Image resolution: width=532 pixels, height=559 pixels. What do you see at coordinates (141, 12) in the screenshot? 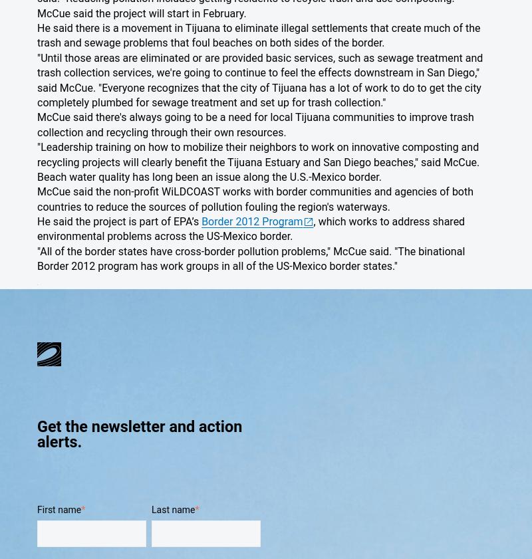
I see `'McCue said the project will start in February.'` at bounding box center [141, 12].